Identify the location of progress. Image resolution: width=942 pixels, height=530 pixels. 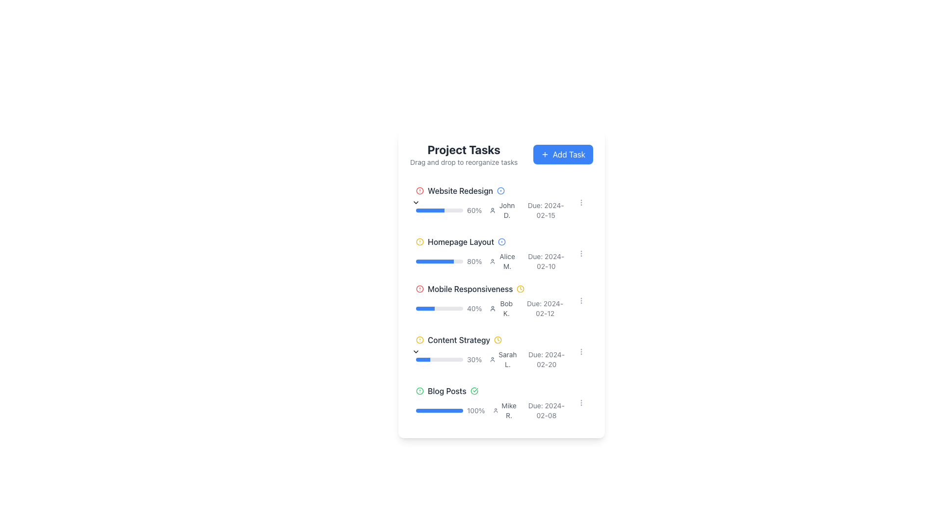
(430, 308).